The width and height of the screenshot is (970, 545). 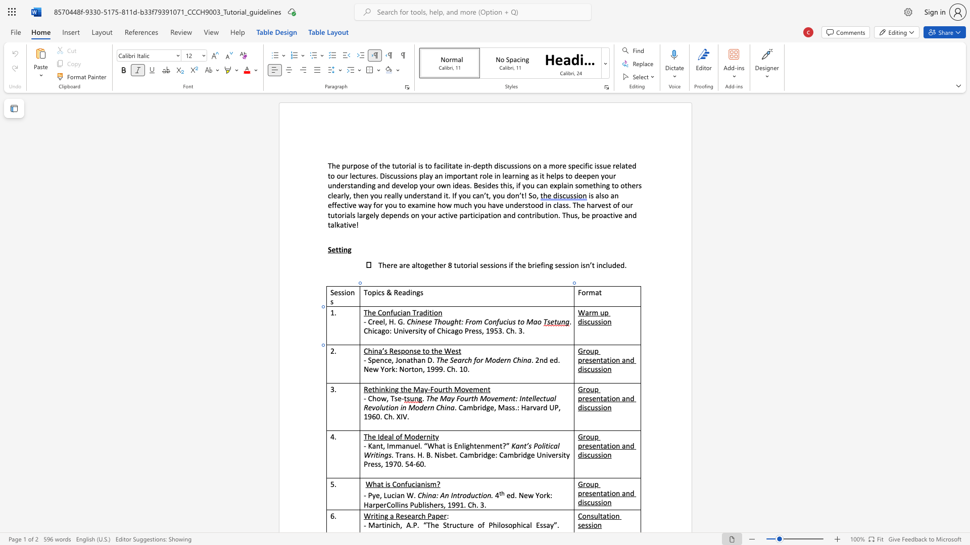 What do you see at coordinates (602, 321) in the screenshot?
I see `the 2th character "i" in the text` at bounding box center [602, 321].